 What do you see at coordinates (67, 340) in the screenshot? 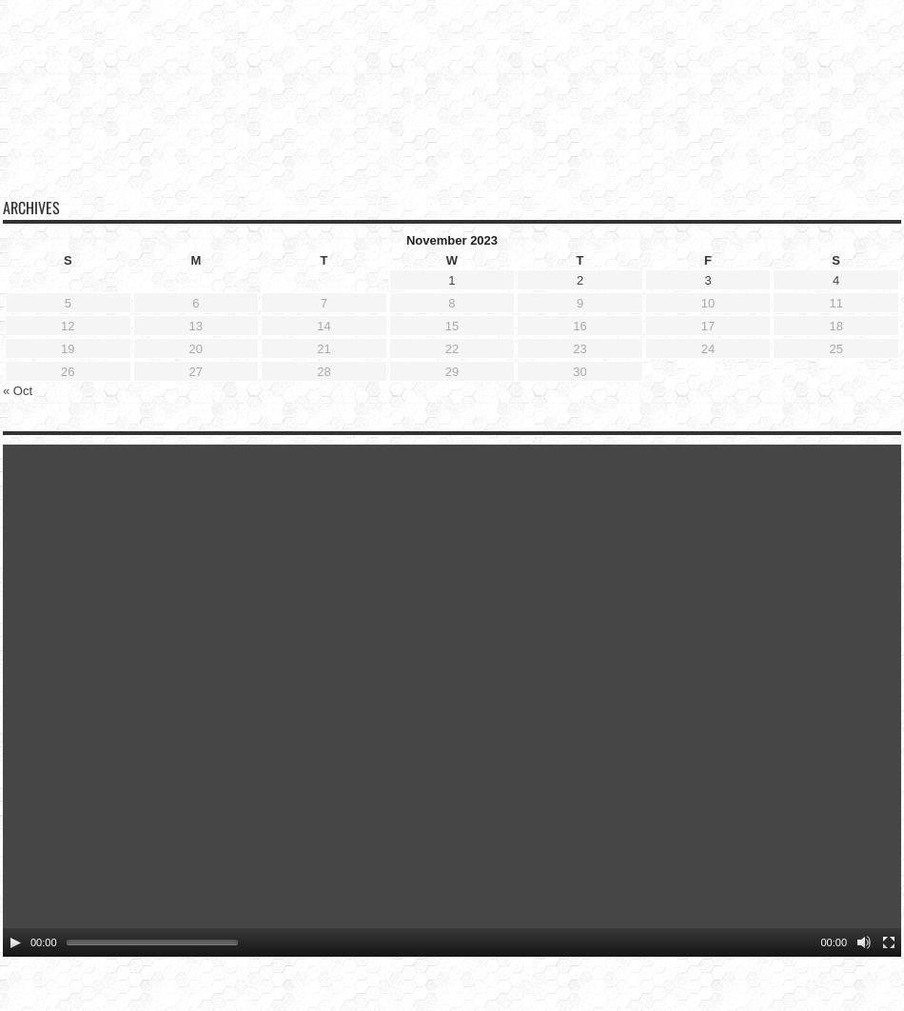
I see `'26'` at bounding box center [67, 340].